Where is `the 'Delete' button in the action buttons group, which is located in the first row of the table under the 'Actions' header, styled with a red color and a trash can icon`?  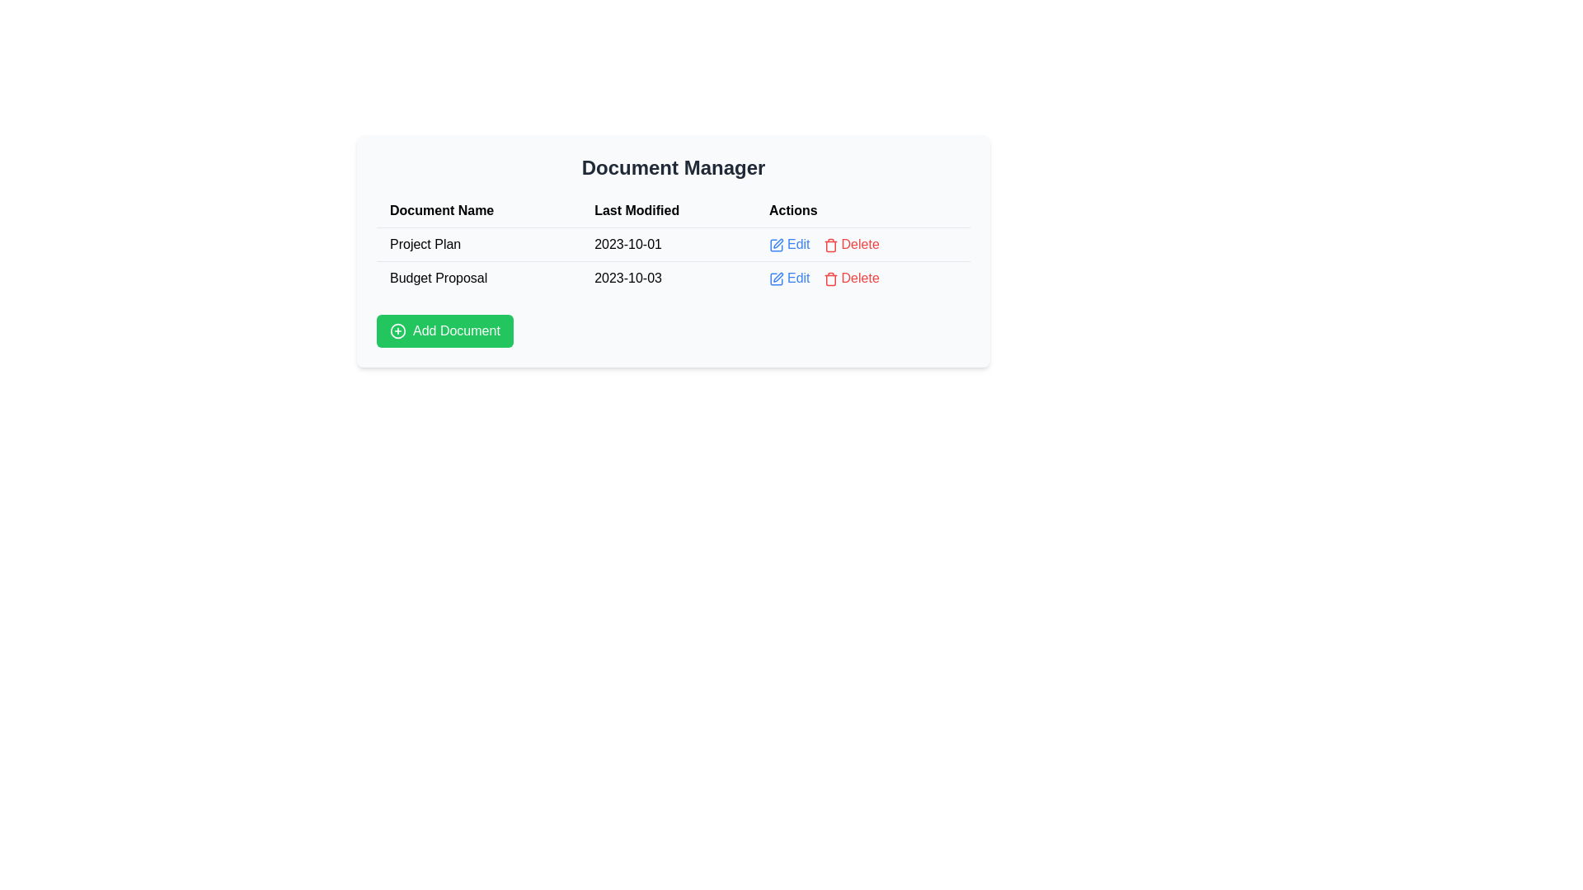
the 'Delete' button in the action buttons group, which is located in the first row of the table under the 'Actions' header, styled with a red color and a trash can icon is located at coordinates (862, 245).